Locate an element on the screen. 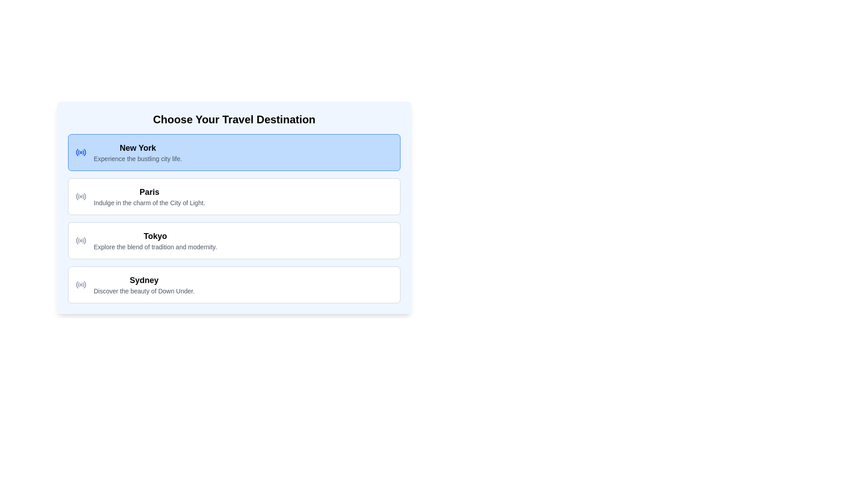 The width and height of the screenshot is (865, 486). the selectable list item labeled 'Paris' is located at coordinates (234, 196).